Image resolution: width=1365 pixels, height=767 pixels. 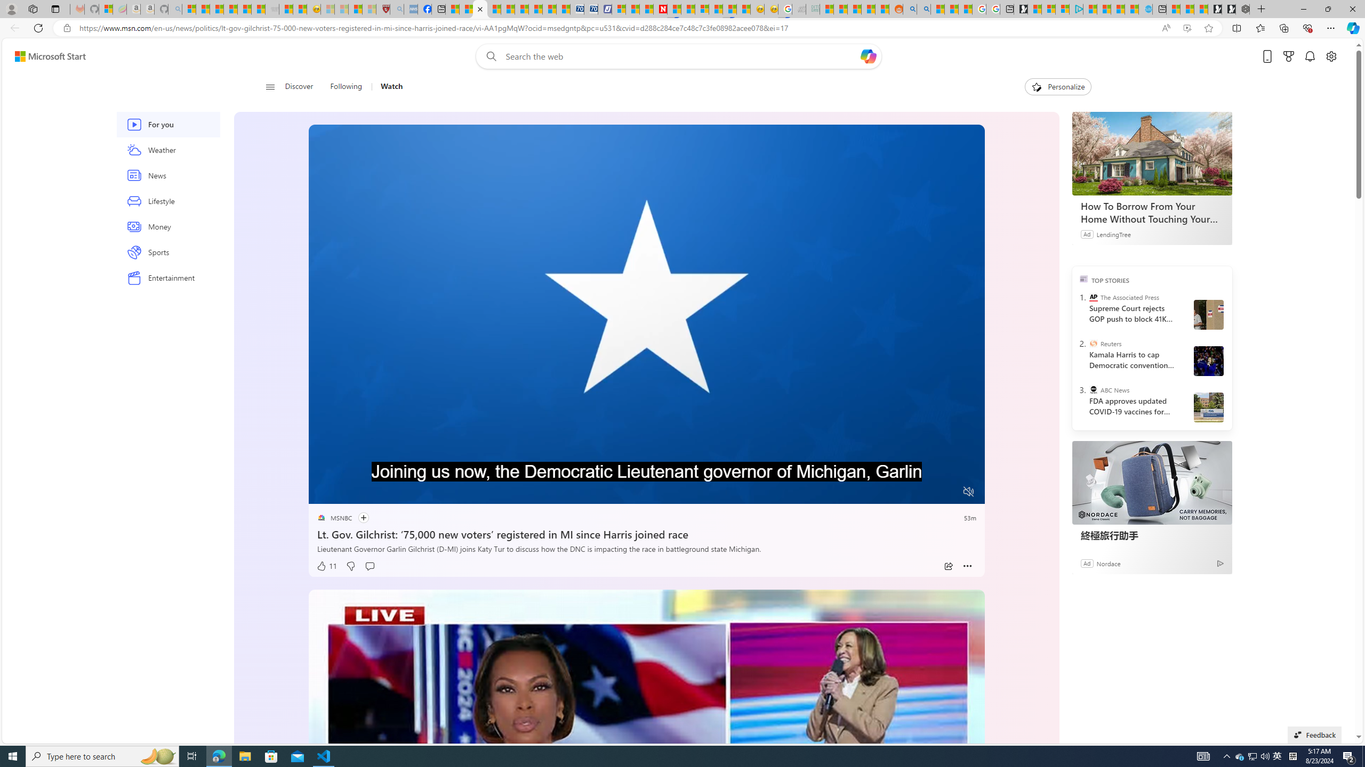 What do you see at coordinates (926, 492) in the screenshot?
I see `'Captions'` at bounding box center [926, 492].